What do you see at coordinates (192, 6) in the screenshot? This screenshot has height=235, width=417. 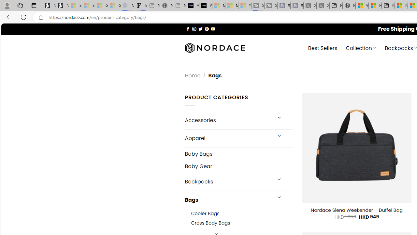 I see `'AI Voice Changer for PC and Mac - Voice.ai'` at bounding box center [192, 6].